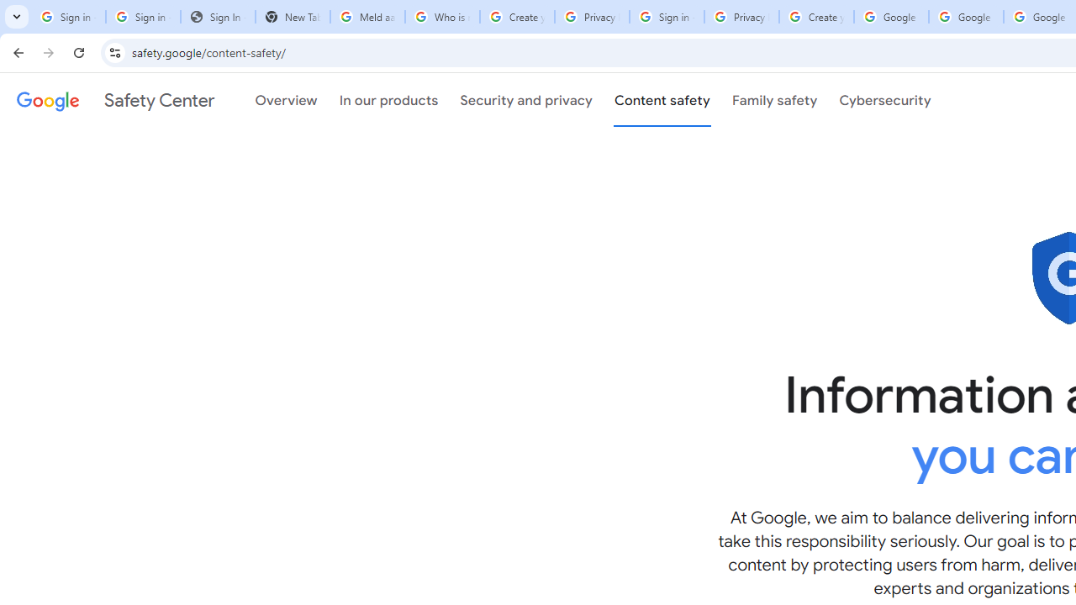  I want to click on 'Safety Center', so click(114, 100).